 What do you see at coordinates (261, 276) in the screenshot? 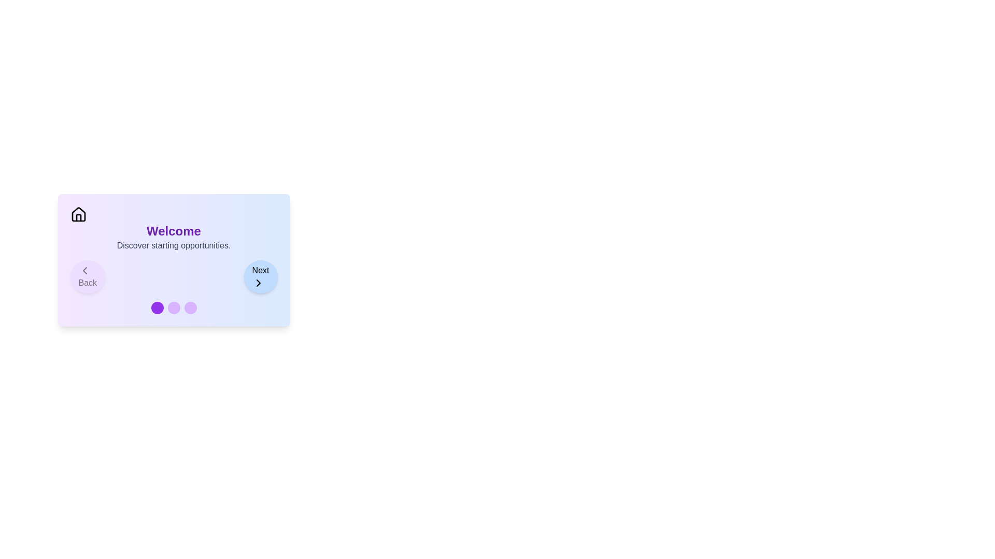
I see `the 'Next' button to navigate to the next step` at bounding box center [261, 276].